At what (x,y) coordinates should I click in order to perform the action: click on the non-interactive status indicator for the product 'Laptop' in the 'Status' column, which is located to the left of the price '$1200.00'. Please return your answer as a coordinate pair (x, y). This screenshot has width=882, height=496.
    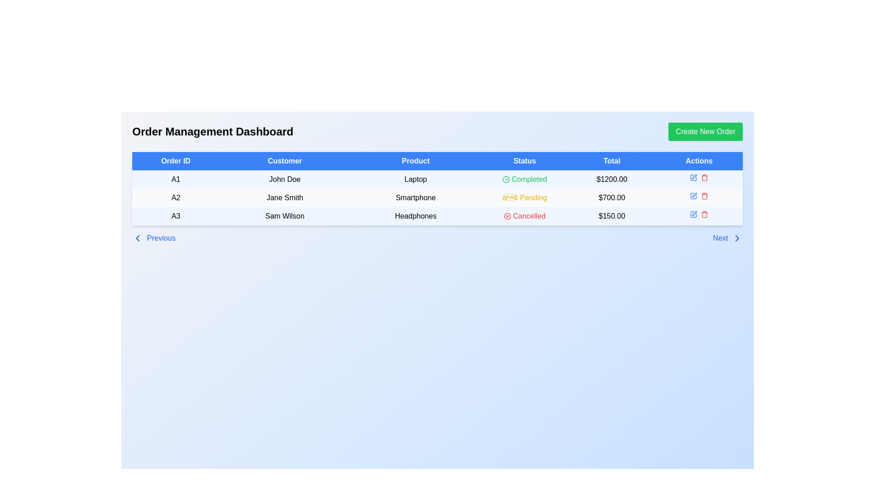
    Looking at the image, I should click on (525, 179).